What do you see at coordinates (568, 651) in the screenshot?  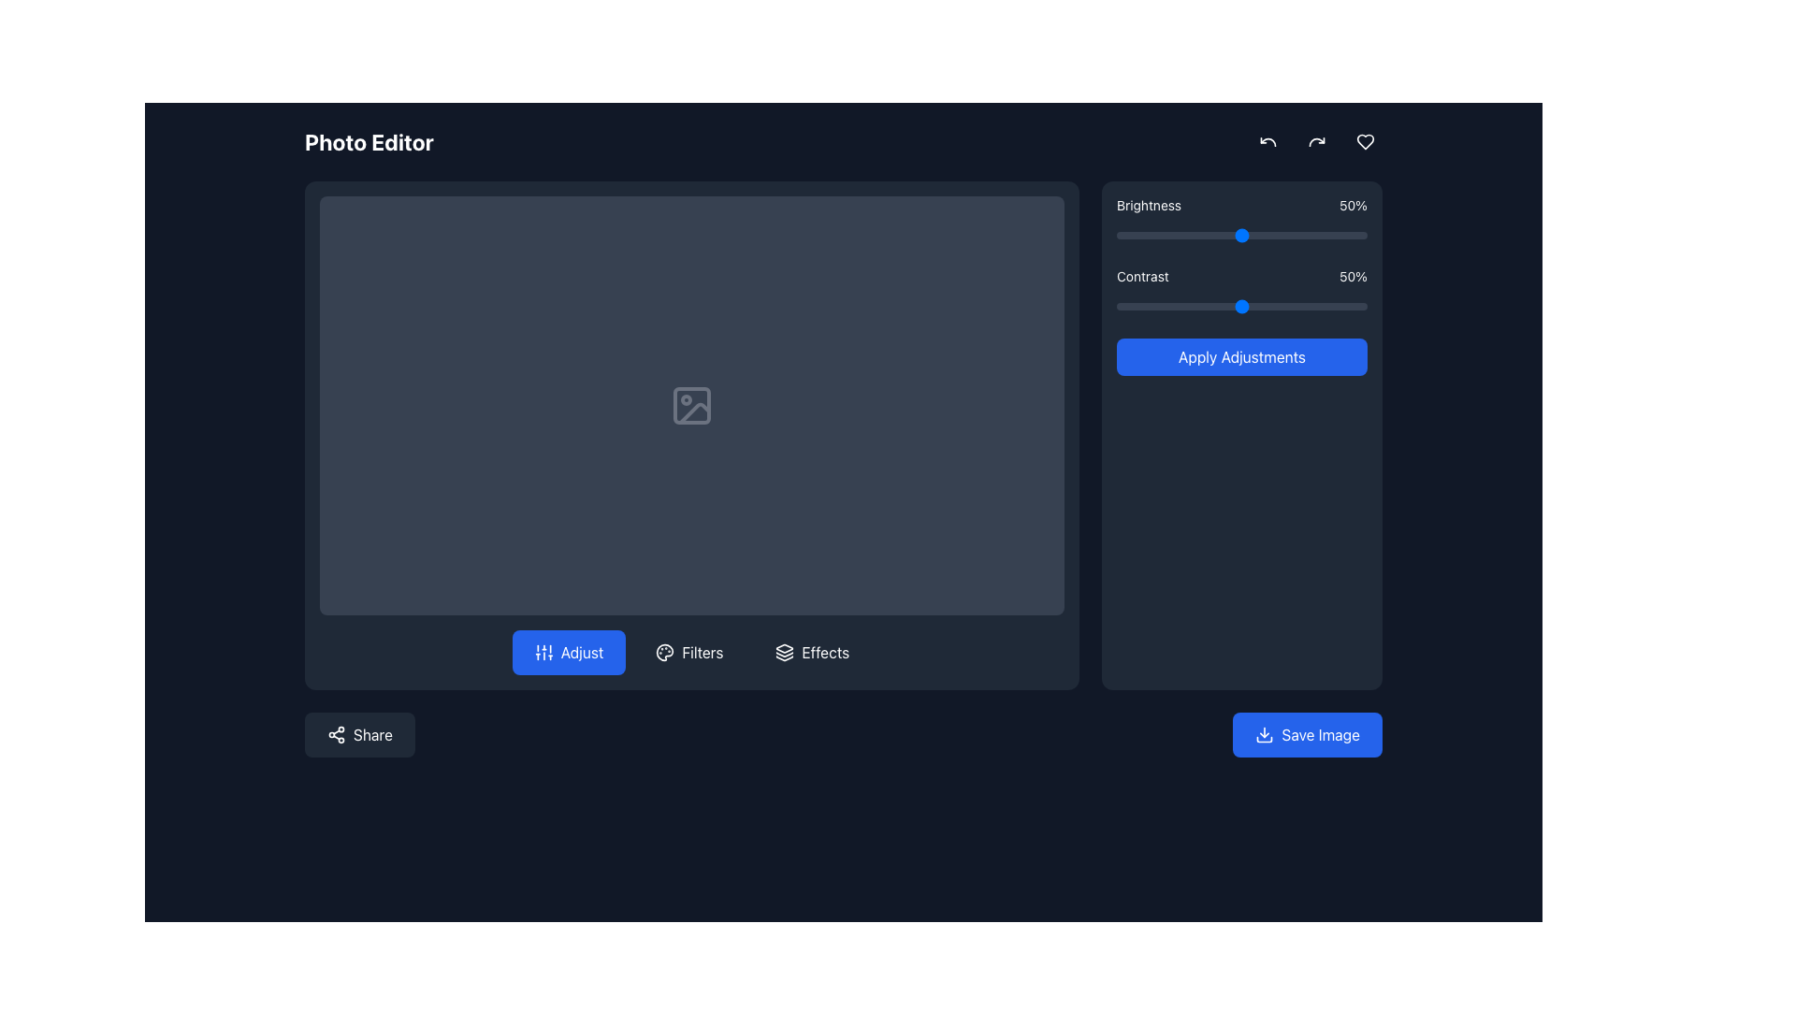 I see `the 'Adjust' button located at the bottom-center of the interface` at bounding box center [568, 651].